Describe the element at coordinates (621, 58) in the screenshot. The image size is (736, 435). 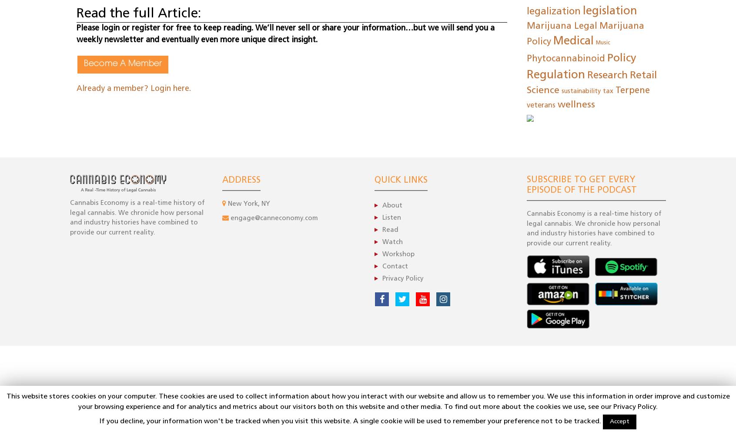
I see `'Policy'` at that location.